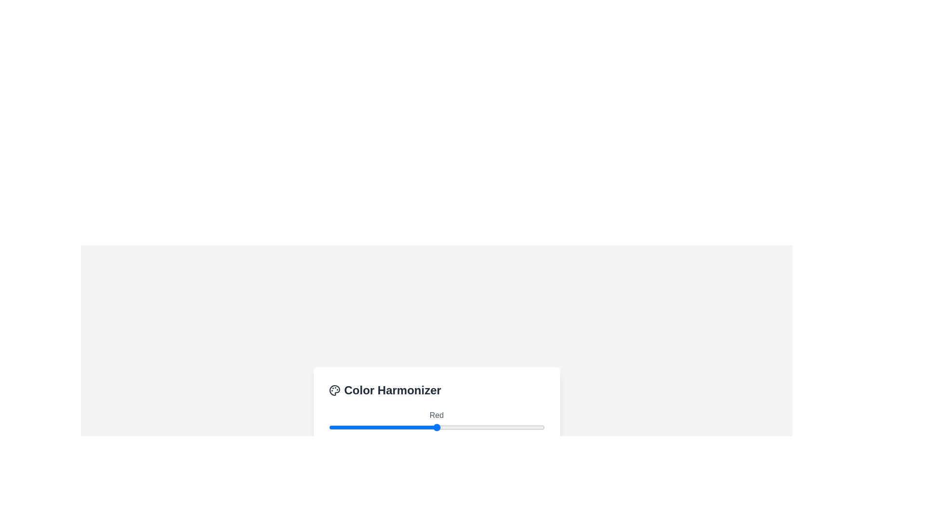  I want to click on the red slider to set its value to 75, so click(392, 427).